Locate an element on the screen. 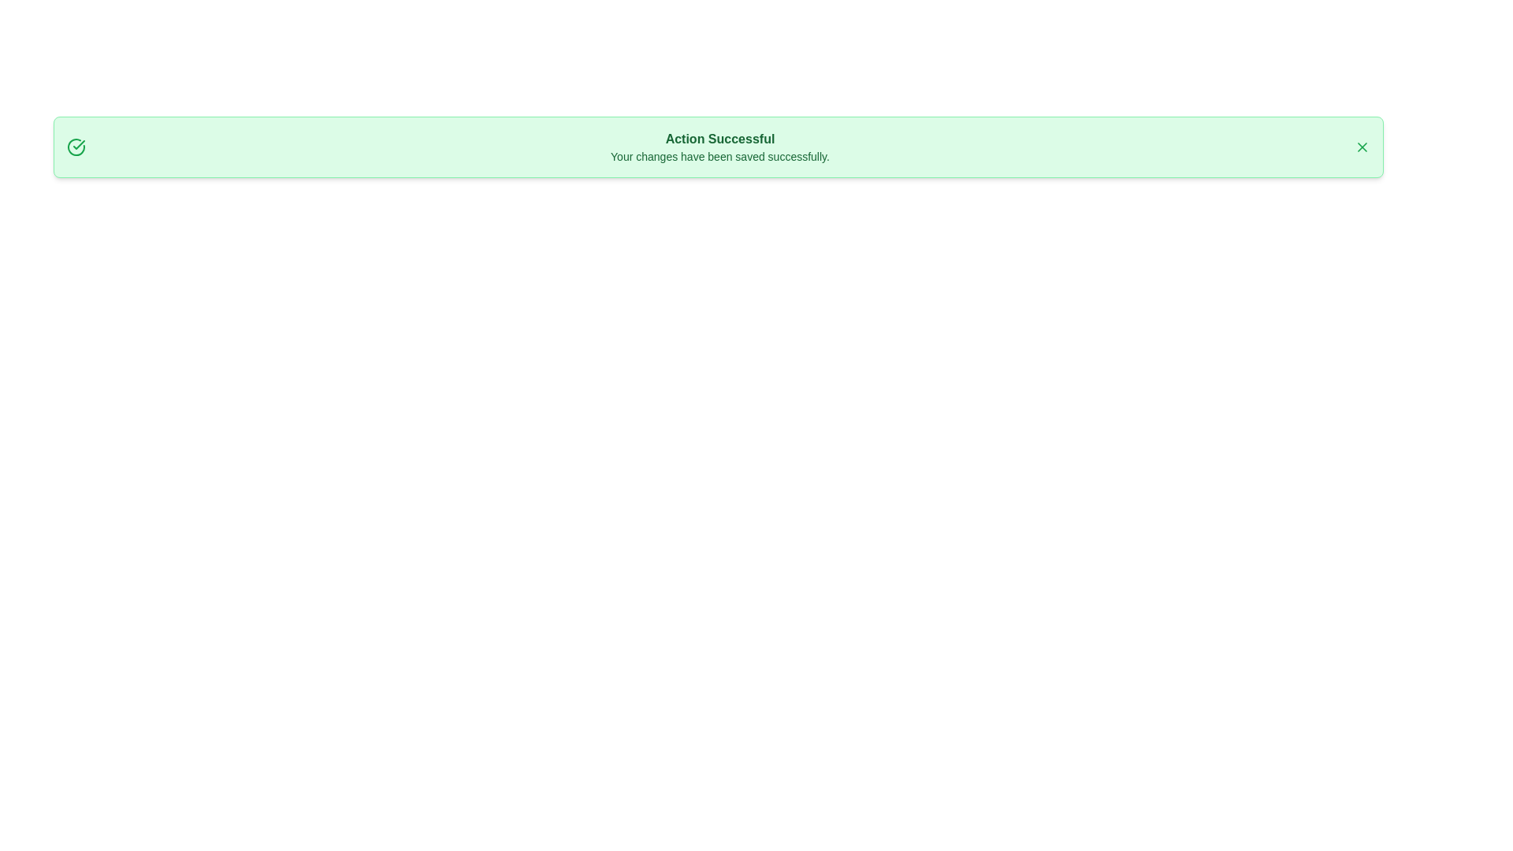 The image size is (1513, 851). the background area outside the alert box to test interaction is located at coordinates (39, 39).